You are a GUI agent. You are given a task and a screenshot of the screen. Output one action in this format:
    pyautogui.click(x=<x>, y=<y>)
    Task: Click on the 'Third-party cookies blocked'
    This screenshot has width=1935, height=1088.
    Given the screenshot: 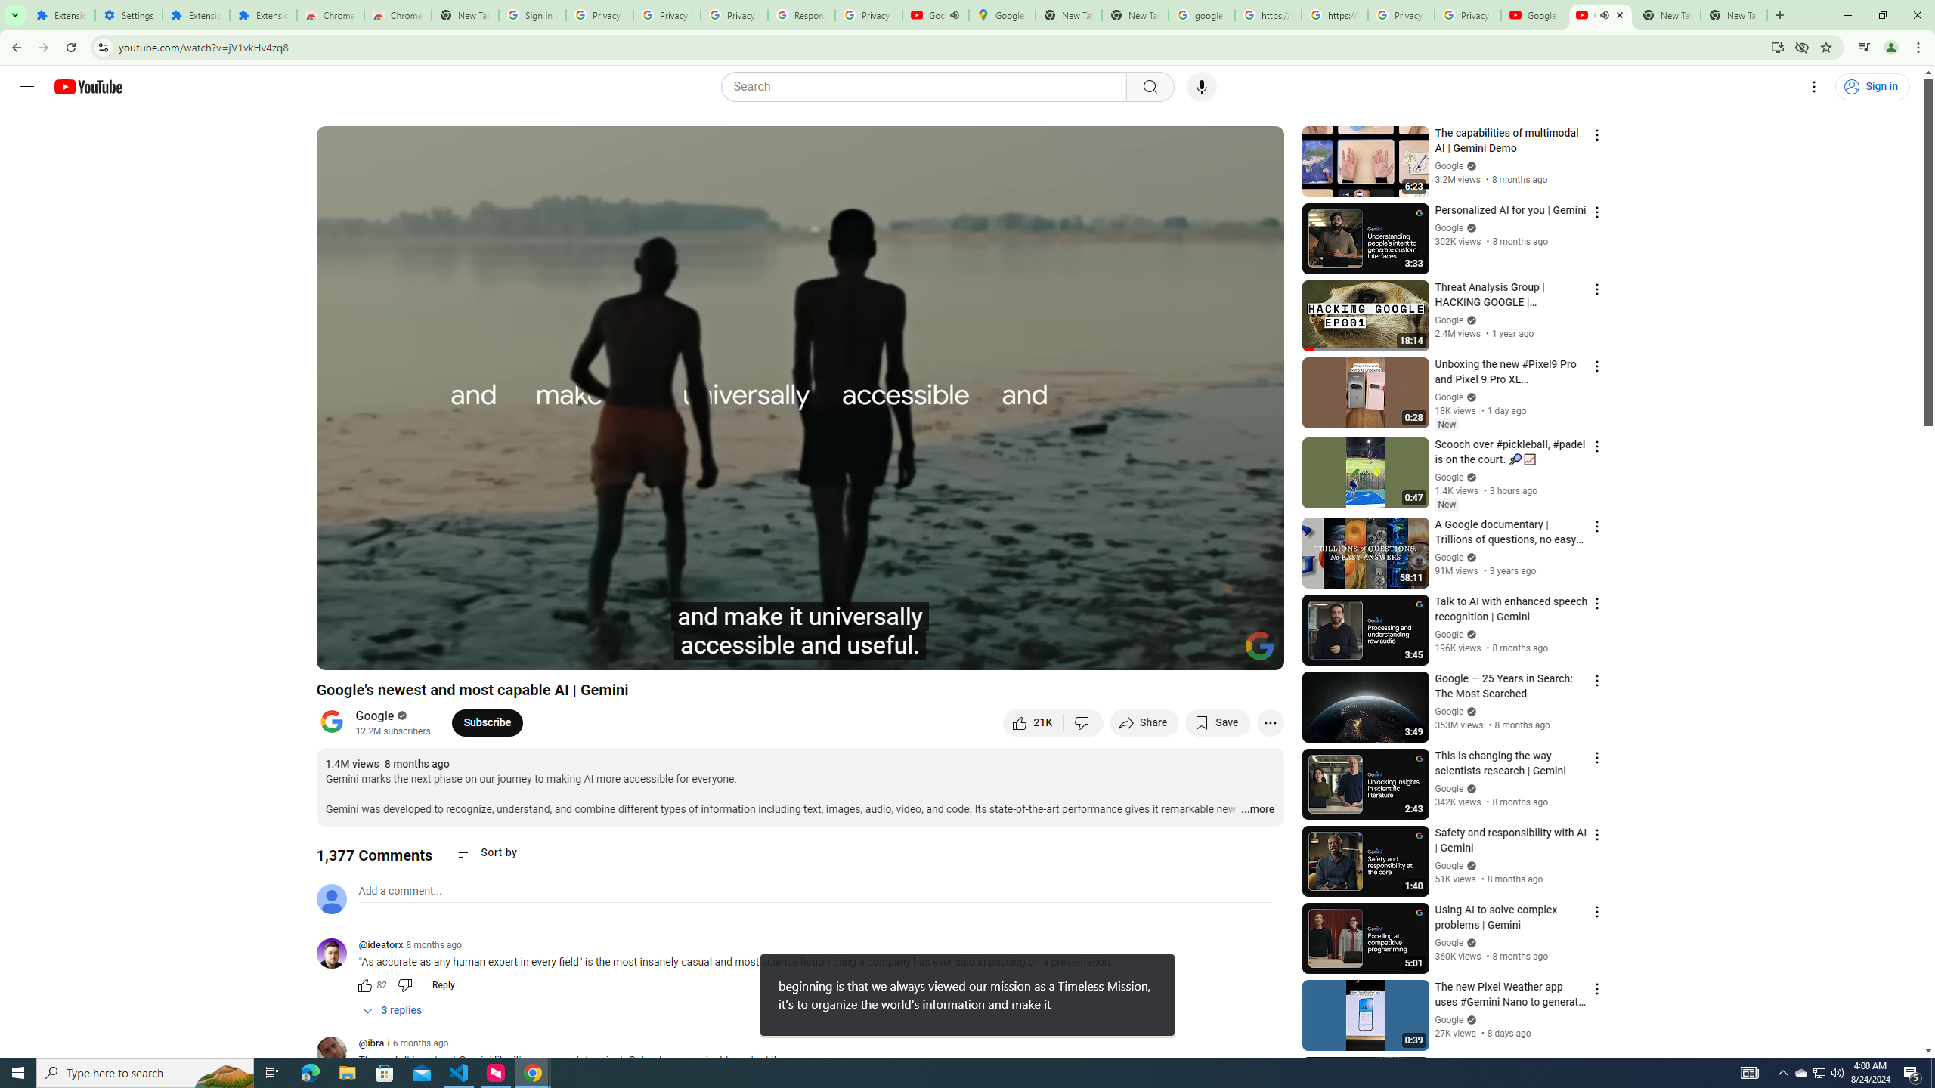 What is the action you would take?
    pyautogui.click(x=1802, y=46)
    